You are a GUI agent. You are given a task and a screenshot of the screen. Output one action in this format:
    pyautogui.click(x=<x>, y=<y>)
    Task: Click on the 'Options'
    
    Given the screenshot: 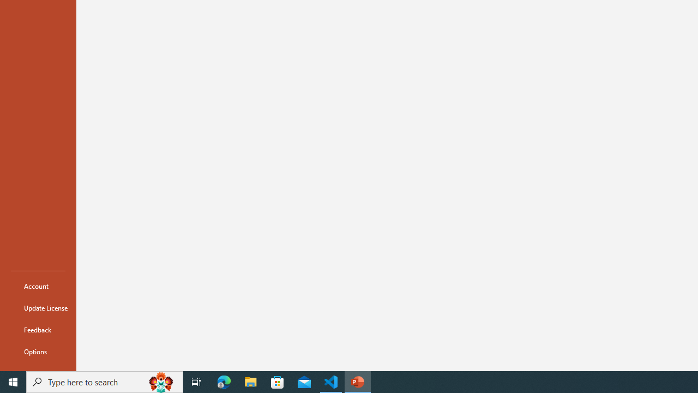 What is the action you would take?
    pyautogui.click(x=38, y=352)
    